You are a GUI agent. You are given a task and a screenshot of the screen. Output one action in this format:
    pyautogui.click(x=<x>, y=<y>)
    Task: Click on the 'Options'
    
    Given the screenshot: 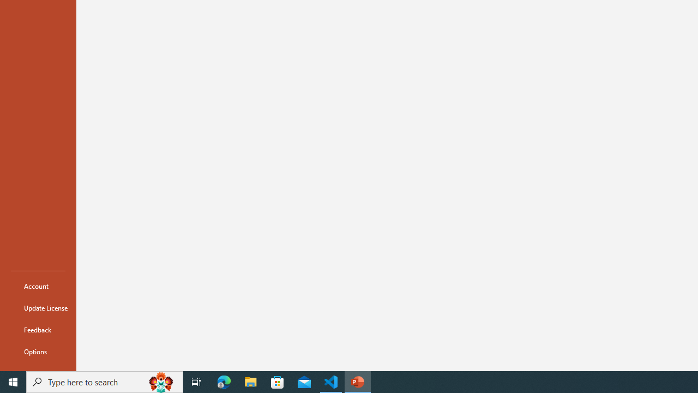 What is the action you would take?
    pyautogui.click(x=38, y=352)
    